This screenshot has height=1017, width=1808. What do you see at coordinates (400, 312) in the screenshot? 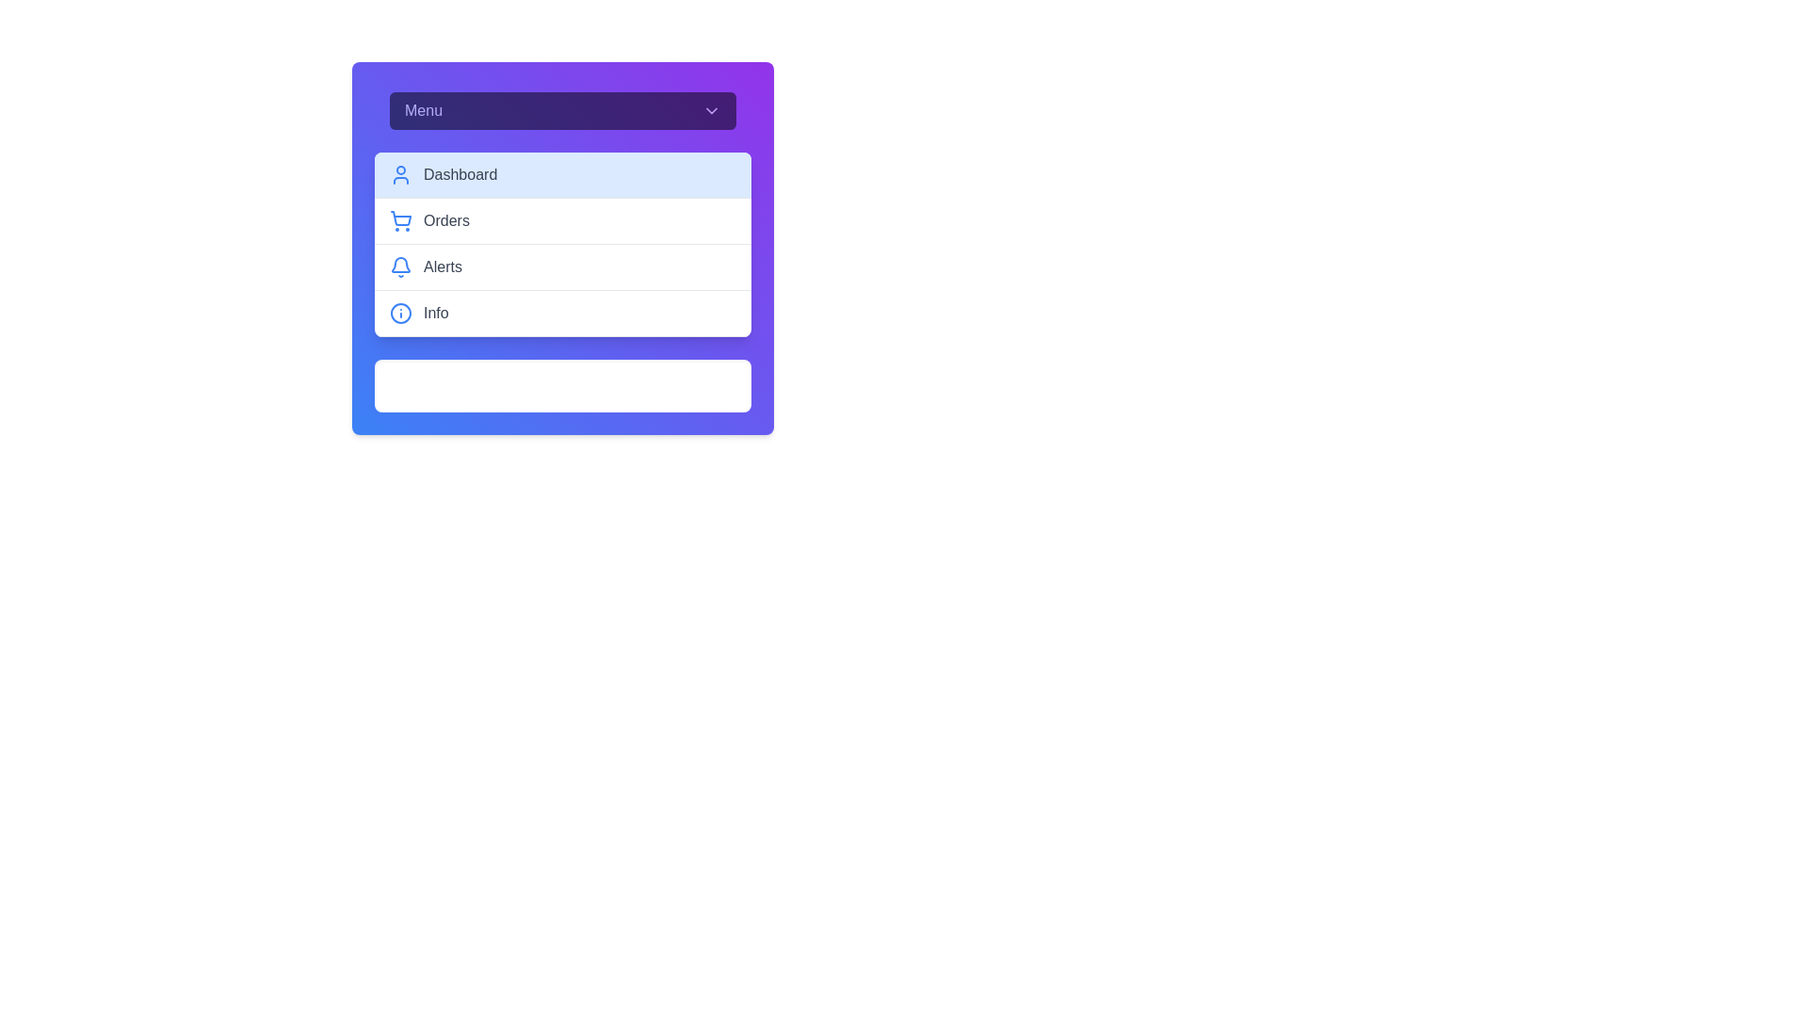
I see `the circular vector graphic element that is part of the information icon located to the left of the 'Info' text label in the vertical menu list` at bounding box center [400, 312].